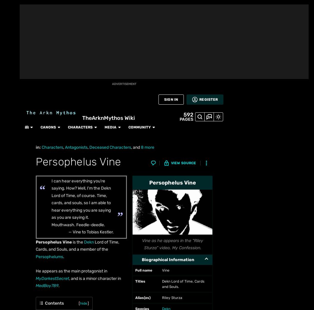  I want to click on 'BETA', so click(10, 64).